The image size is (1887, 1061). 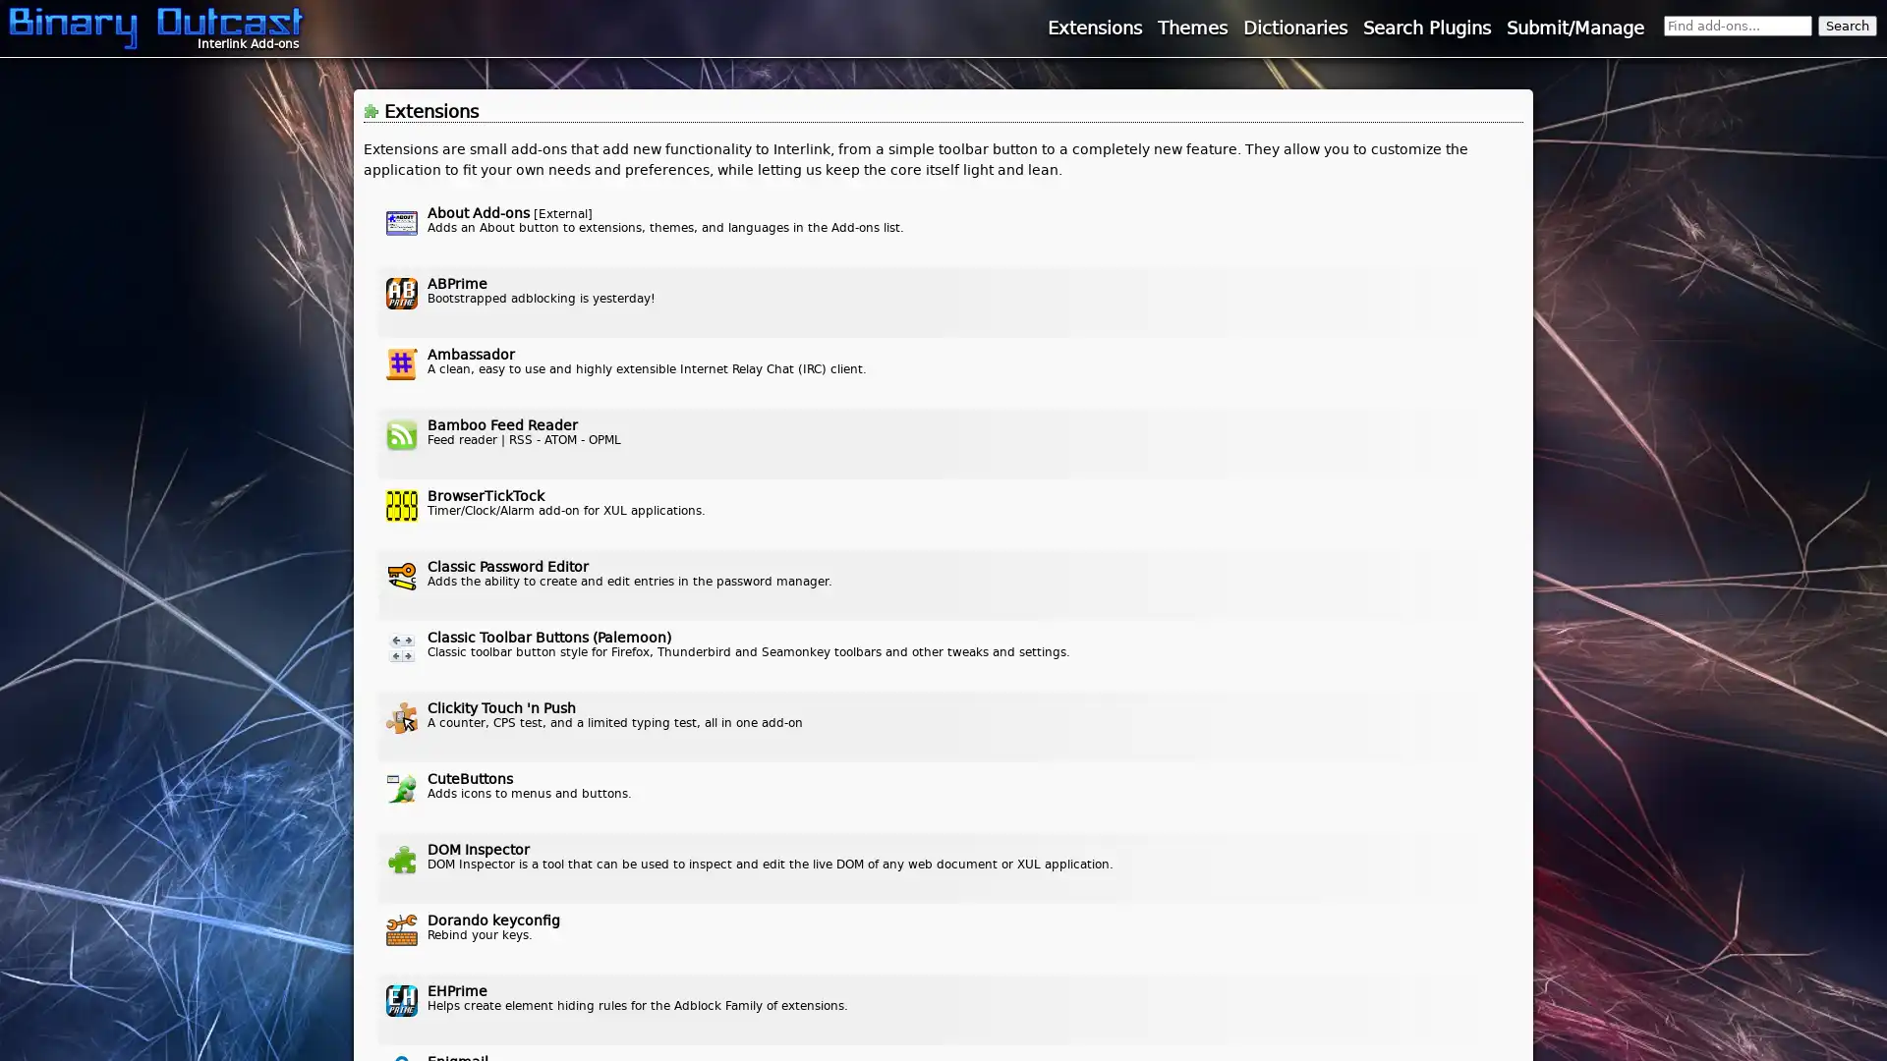 I want to click on Search, so click(x=1847, y=26).